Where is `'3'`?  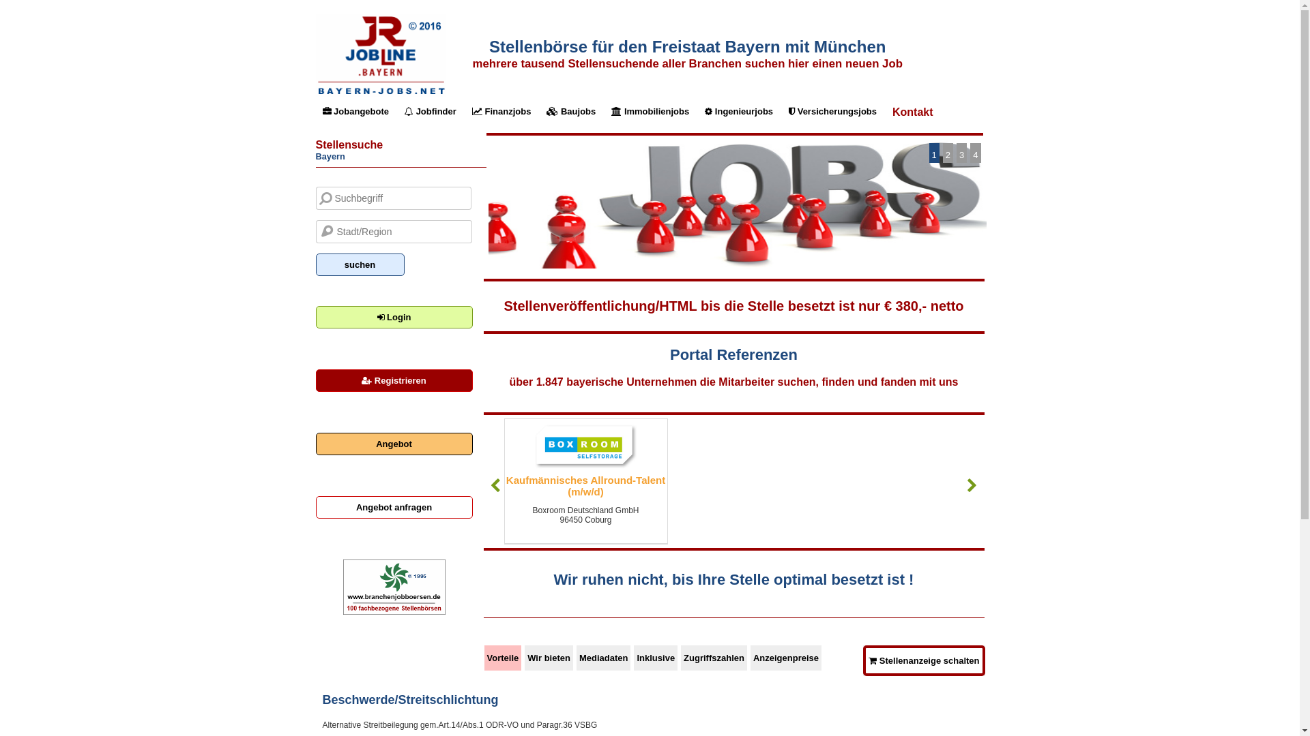 '3' is located at coordinates (961, 153).